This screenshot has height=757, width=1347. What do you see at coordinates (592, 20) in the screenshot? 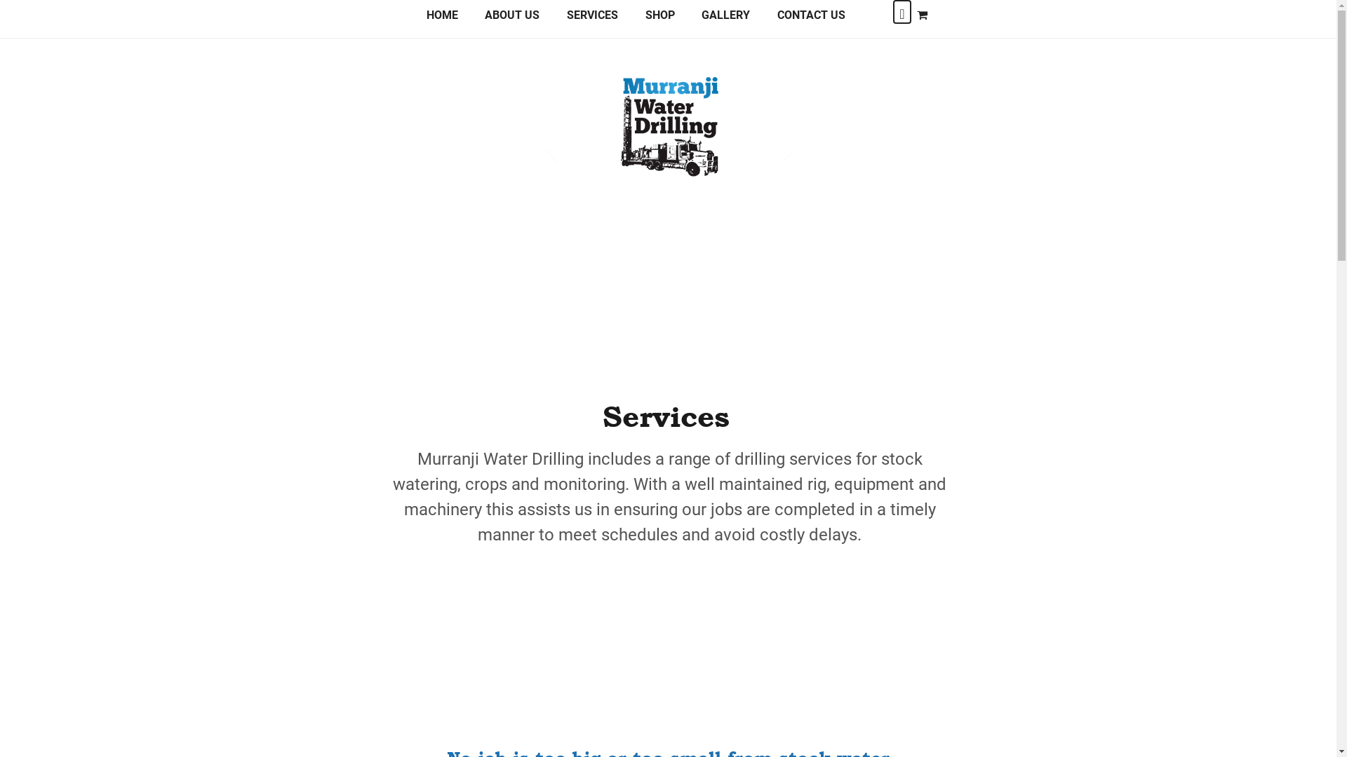
I see `'SERVICES'` at bounding box center [592, 20].